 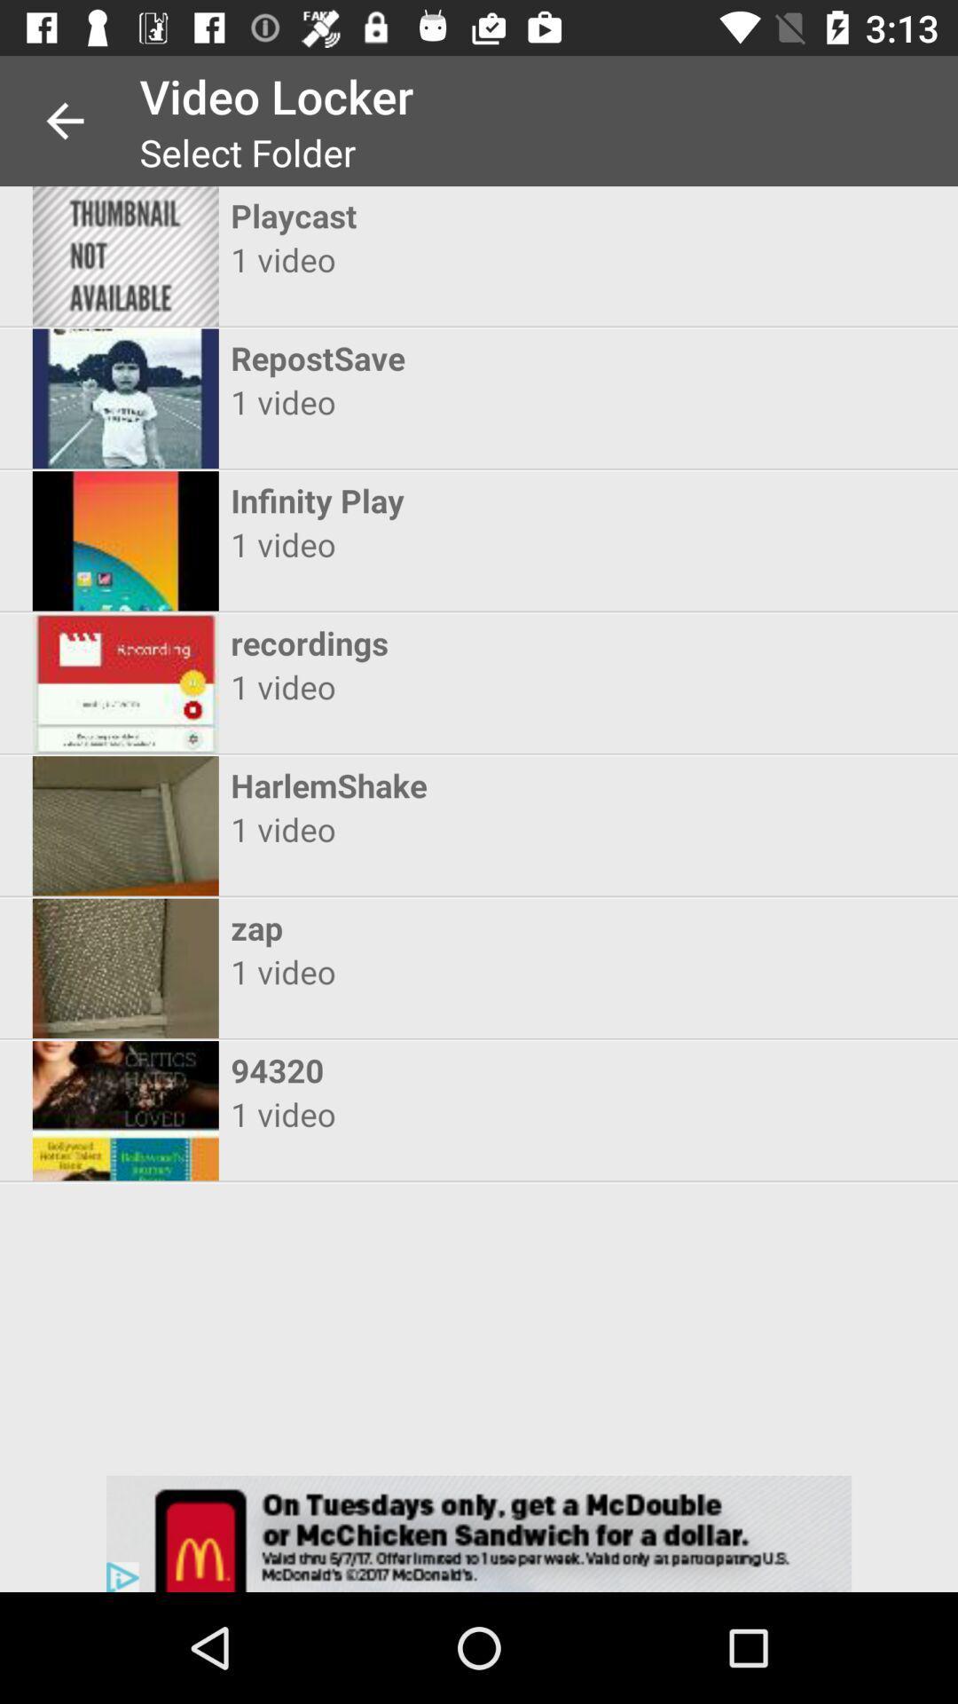 What do you see at coordinates (479, 1533) in the screenshot?
I see `just an add space` at bounding box center [479, 1533].